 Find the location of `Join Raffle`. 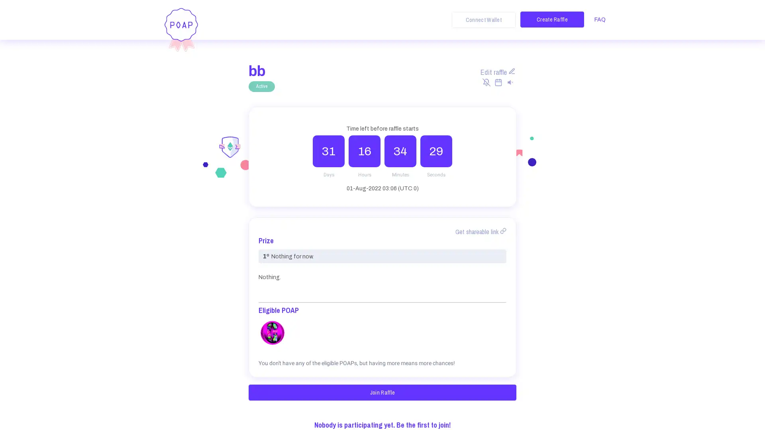

Join Raffle is located at coordinates (382, 392).